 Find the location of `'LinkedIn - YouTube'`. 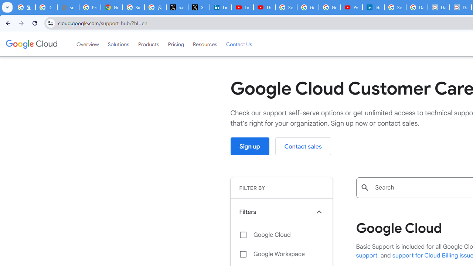

'LinkedIn - YouTube' is located at coordinates (242, 7).